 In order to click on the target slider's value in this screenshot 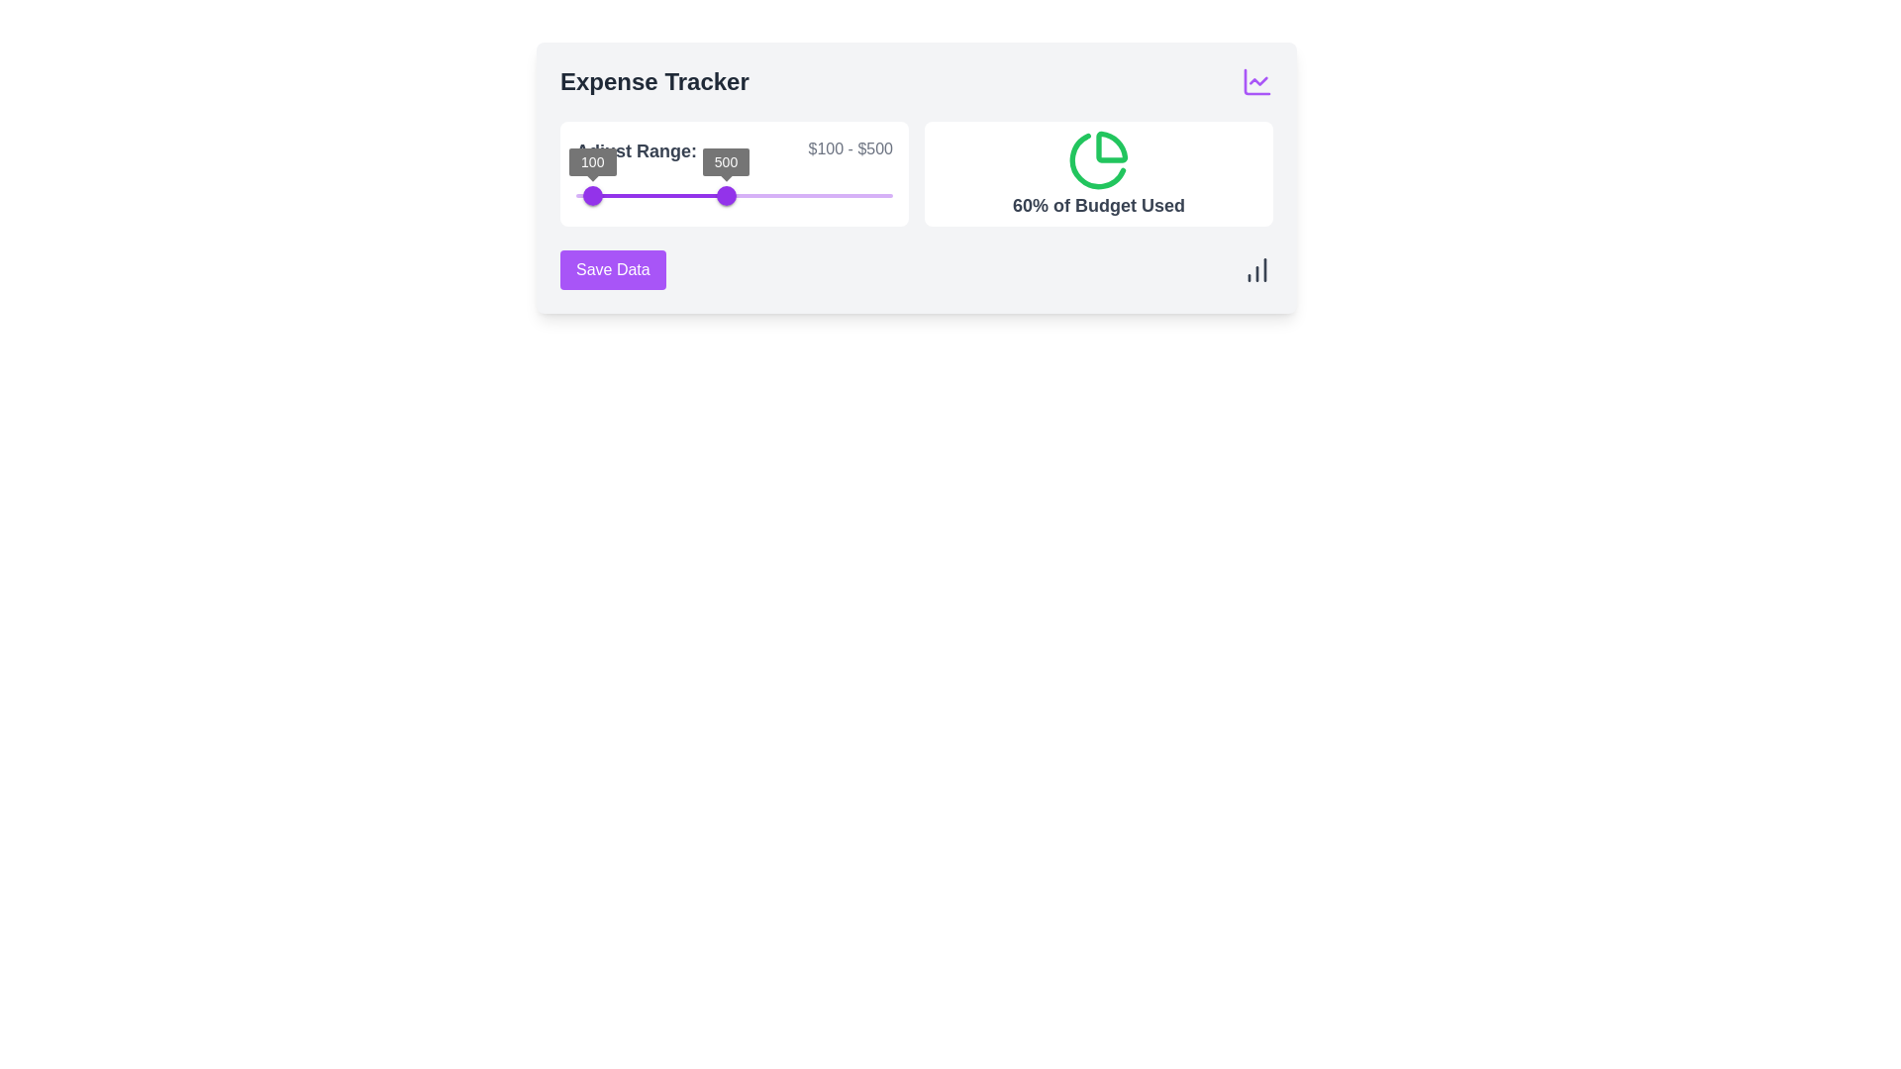, I will do `click(600, 198)`.